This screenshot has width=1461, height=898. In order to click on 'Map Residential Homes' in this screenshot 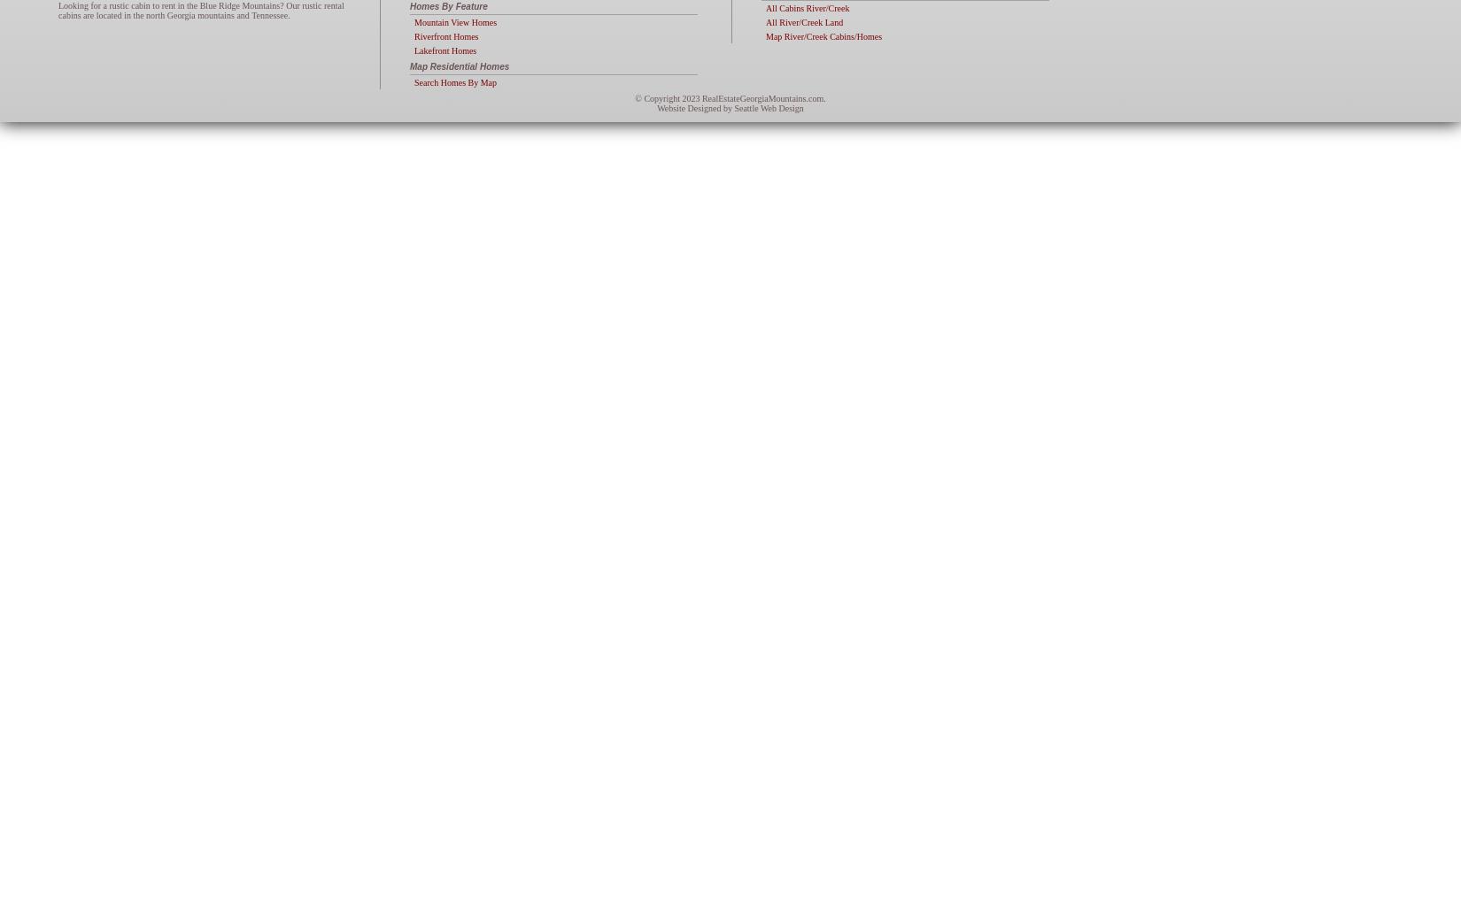, I will do `click(458, 65)`.